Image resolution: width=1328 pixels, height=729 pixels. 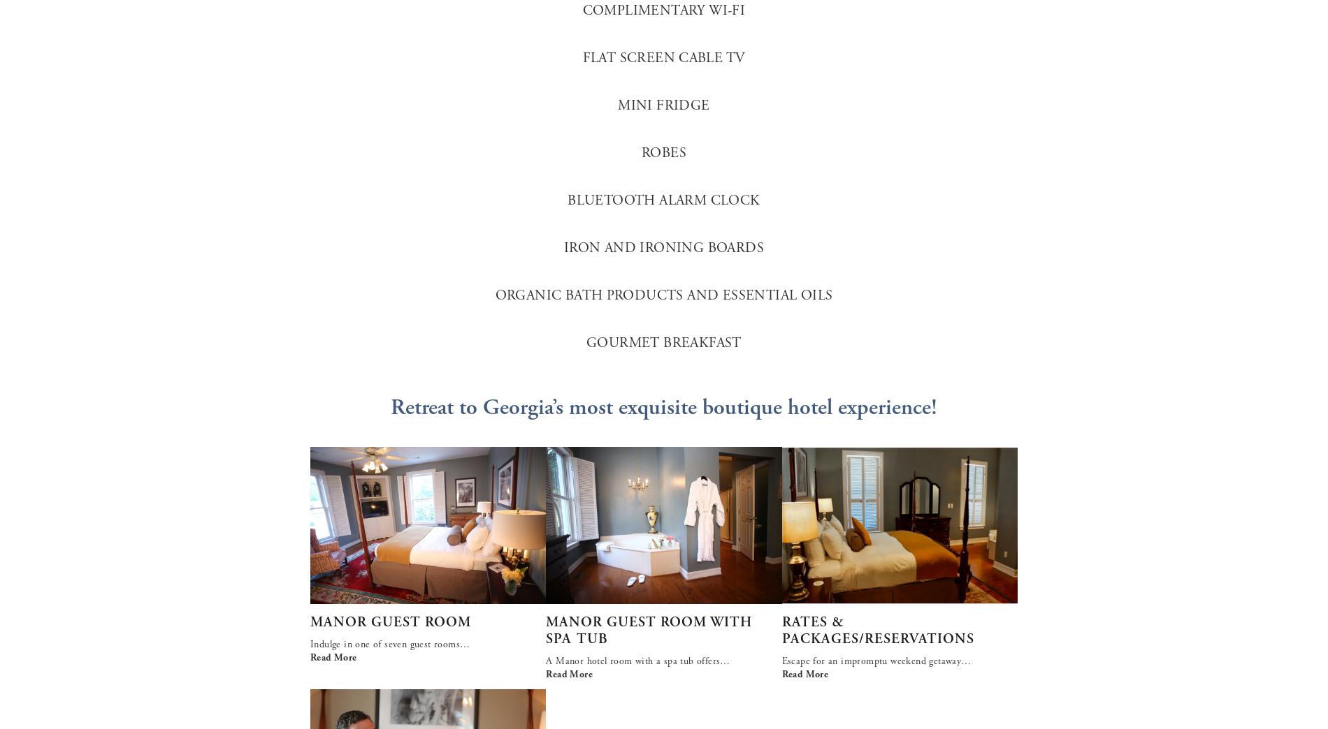 I want to click on 'FLAT SCREEN CABLE TV', so click(x=663, y=58).